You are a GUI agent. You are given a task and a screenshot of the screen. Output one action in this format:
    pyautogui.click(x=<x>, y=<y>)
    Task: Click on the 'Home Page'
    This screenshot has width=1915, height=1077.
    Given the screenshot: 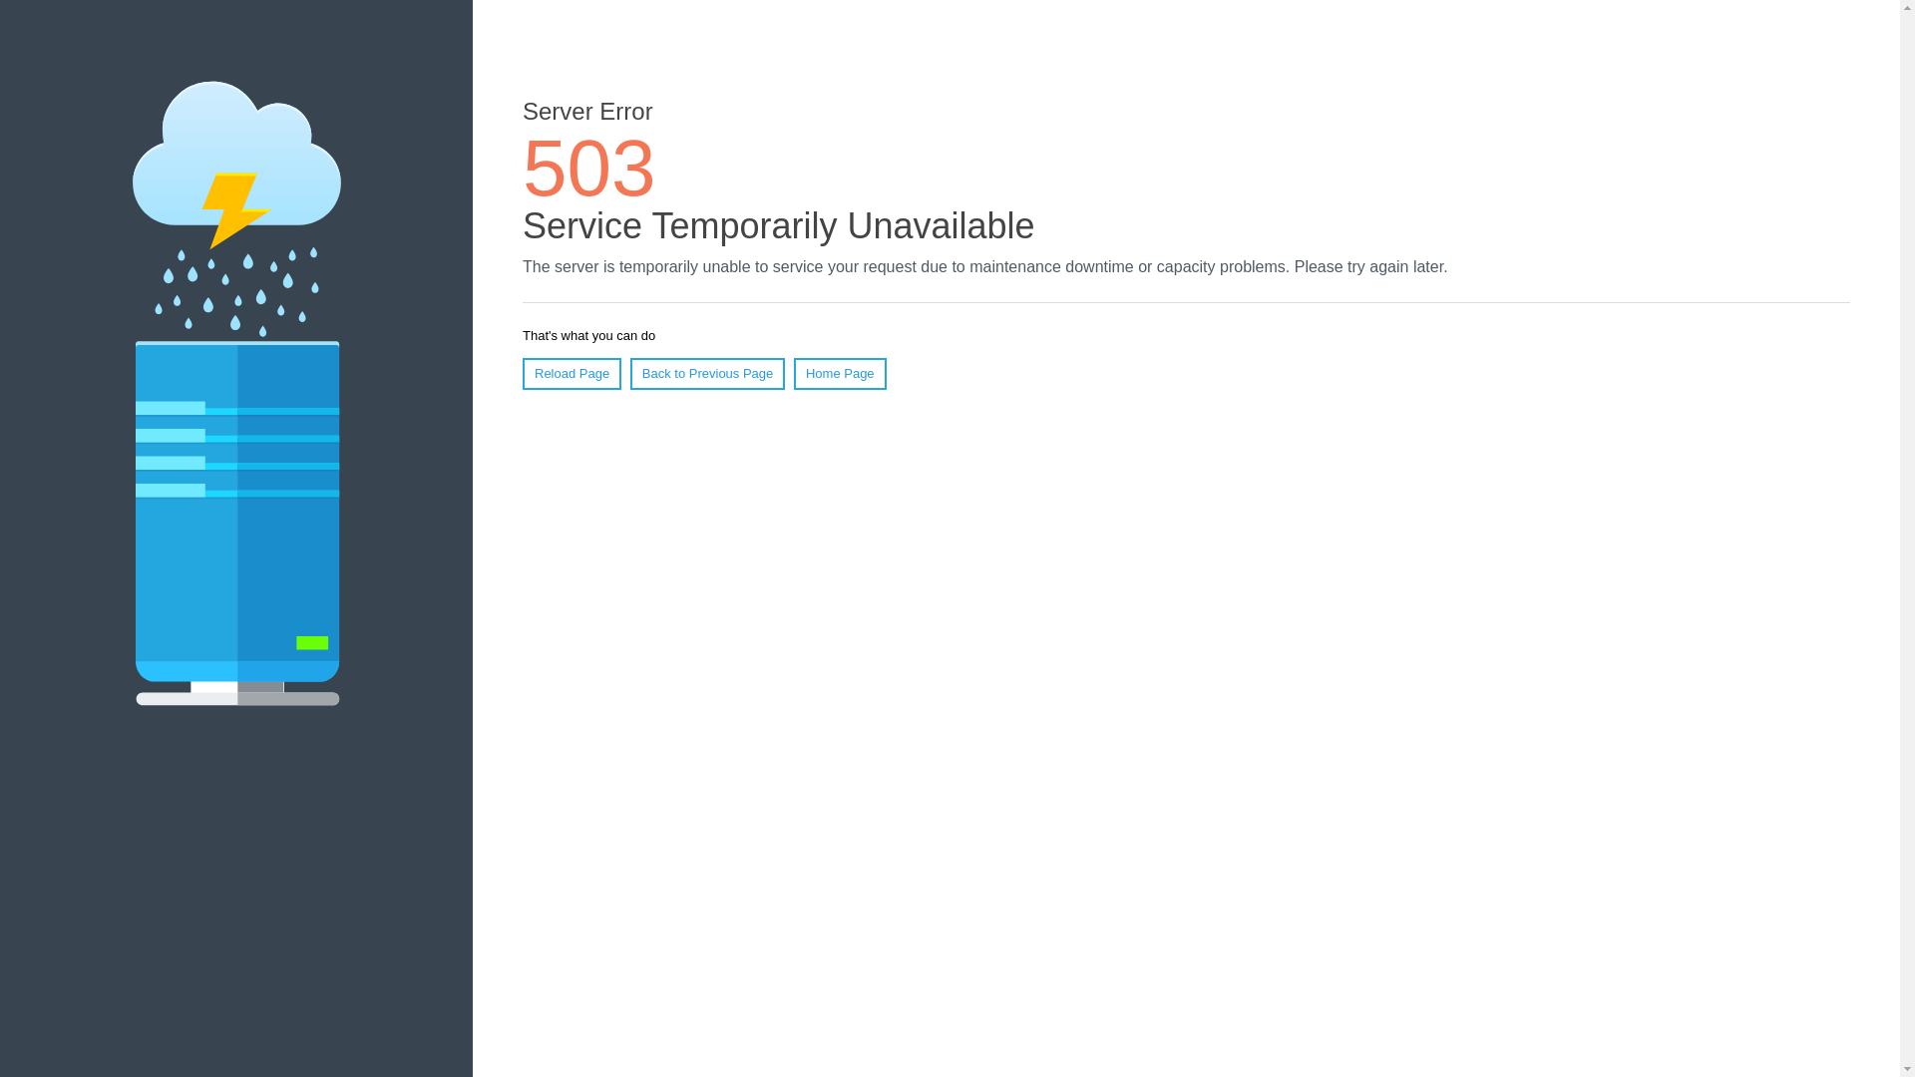 What is the action you would take?
    pyautogui.click(x=840, y=373)
    